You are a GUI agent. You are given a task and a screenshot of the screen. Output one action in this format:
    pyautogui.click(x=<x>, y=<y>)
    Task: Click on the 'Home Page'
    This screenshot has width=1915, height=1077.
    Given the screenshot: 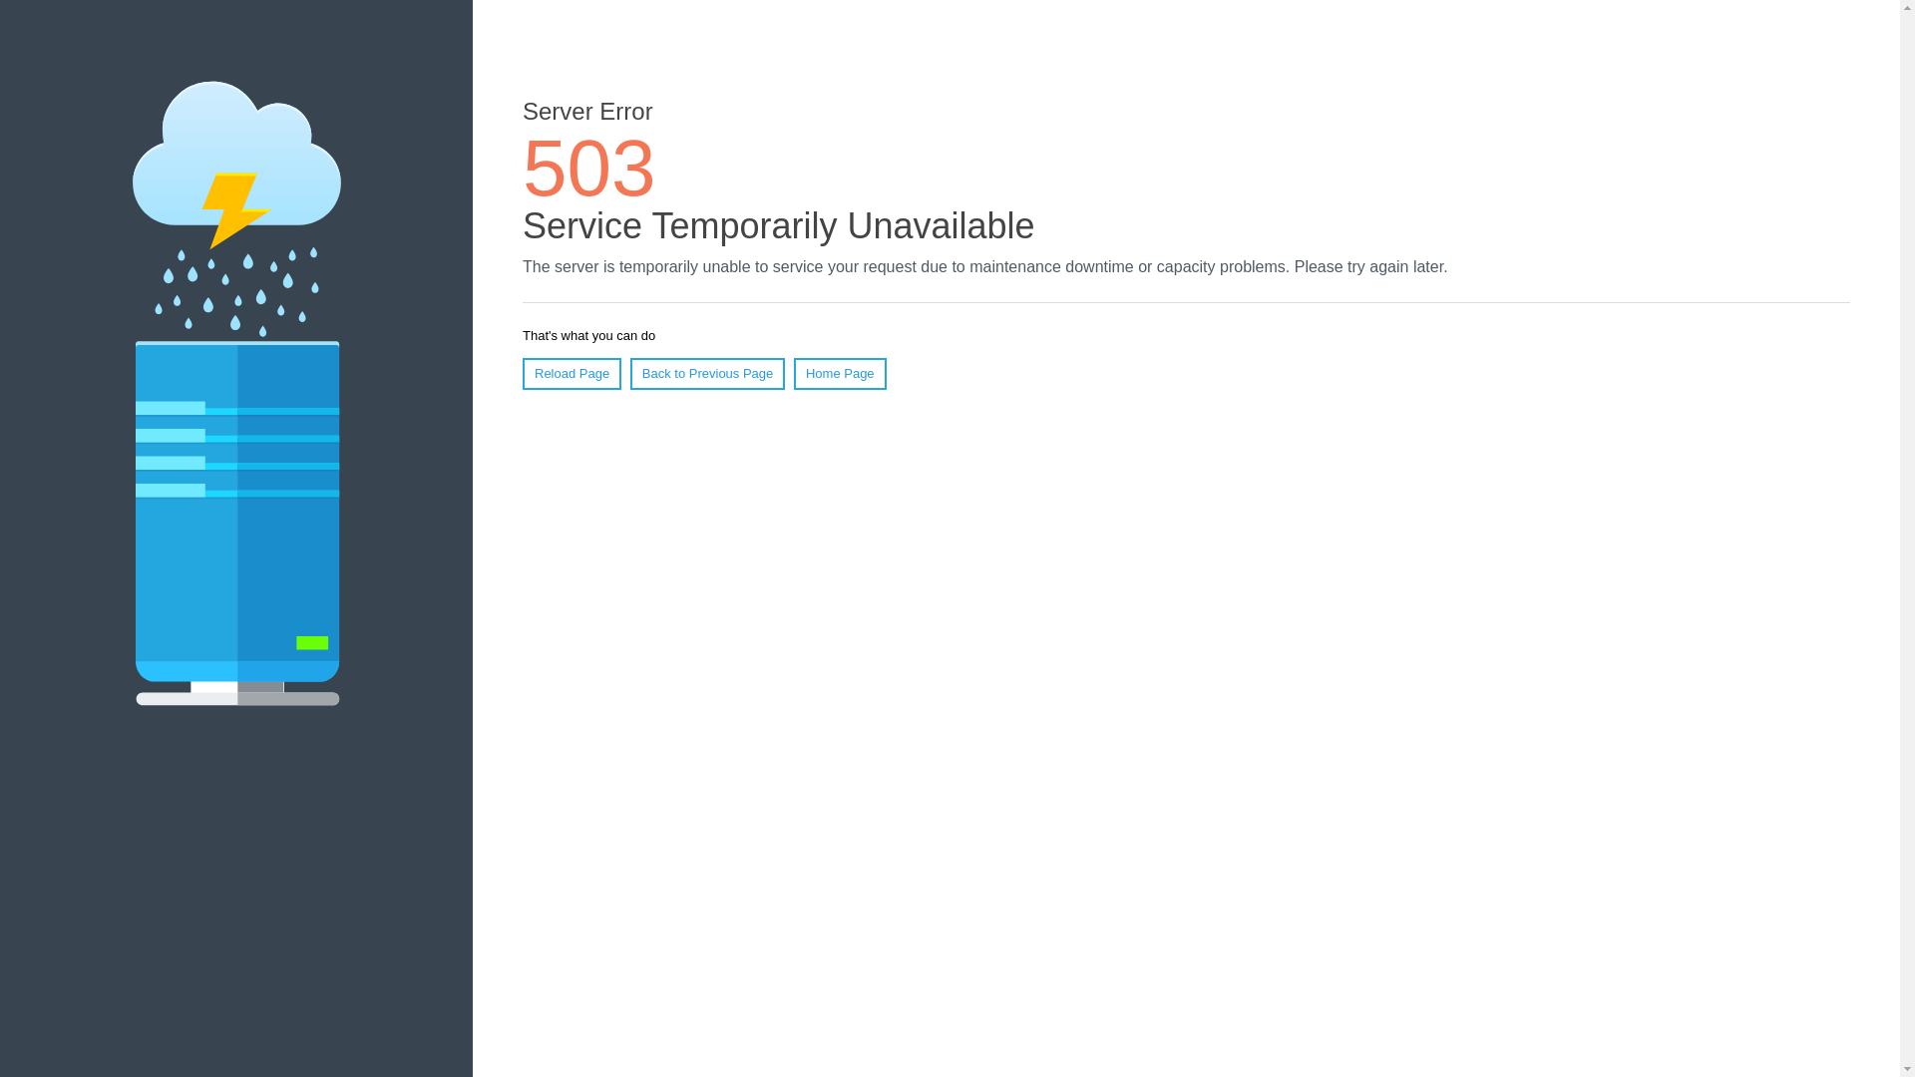 What is the action you would take?
    pyautogui.click(x=840, y=373)
    